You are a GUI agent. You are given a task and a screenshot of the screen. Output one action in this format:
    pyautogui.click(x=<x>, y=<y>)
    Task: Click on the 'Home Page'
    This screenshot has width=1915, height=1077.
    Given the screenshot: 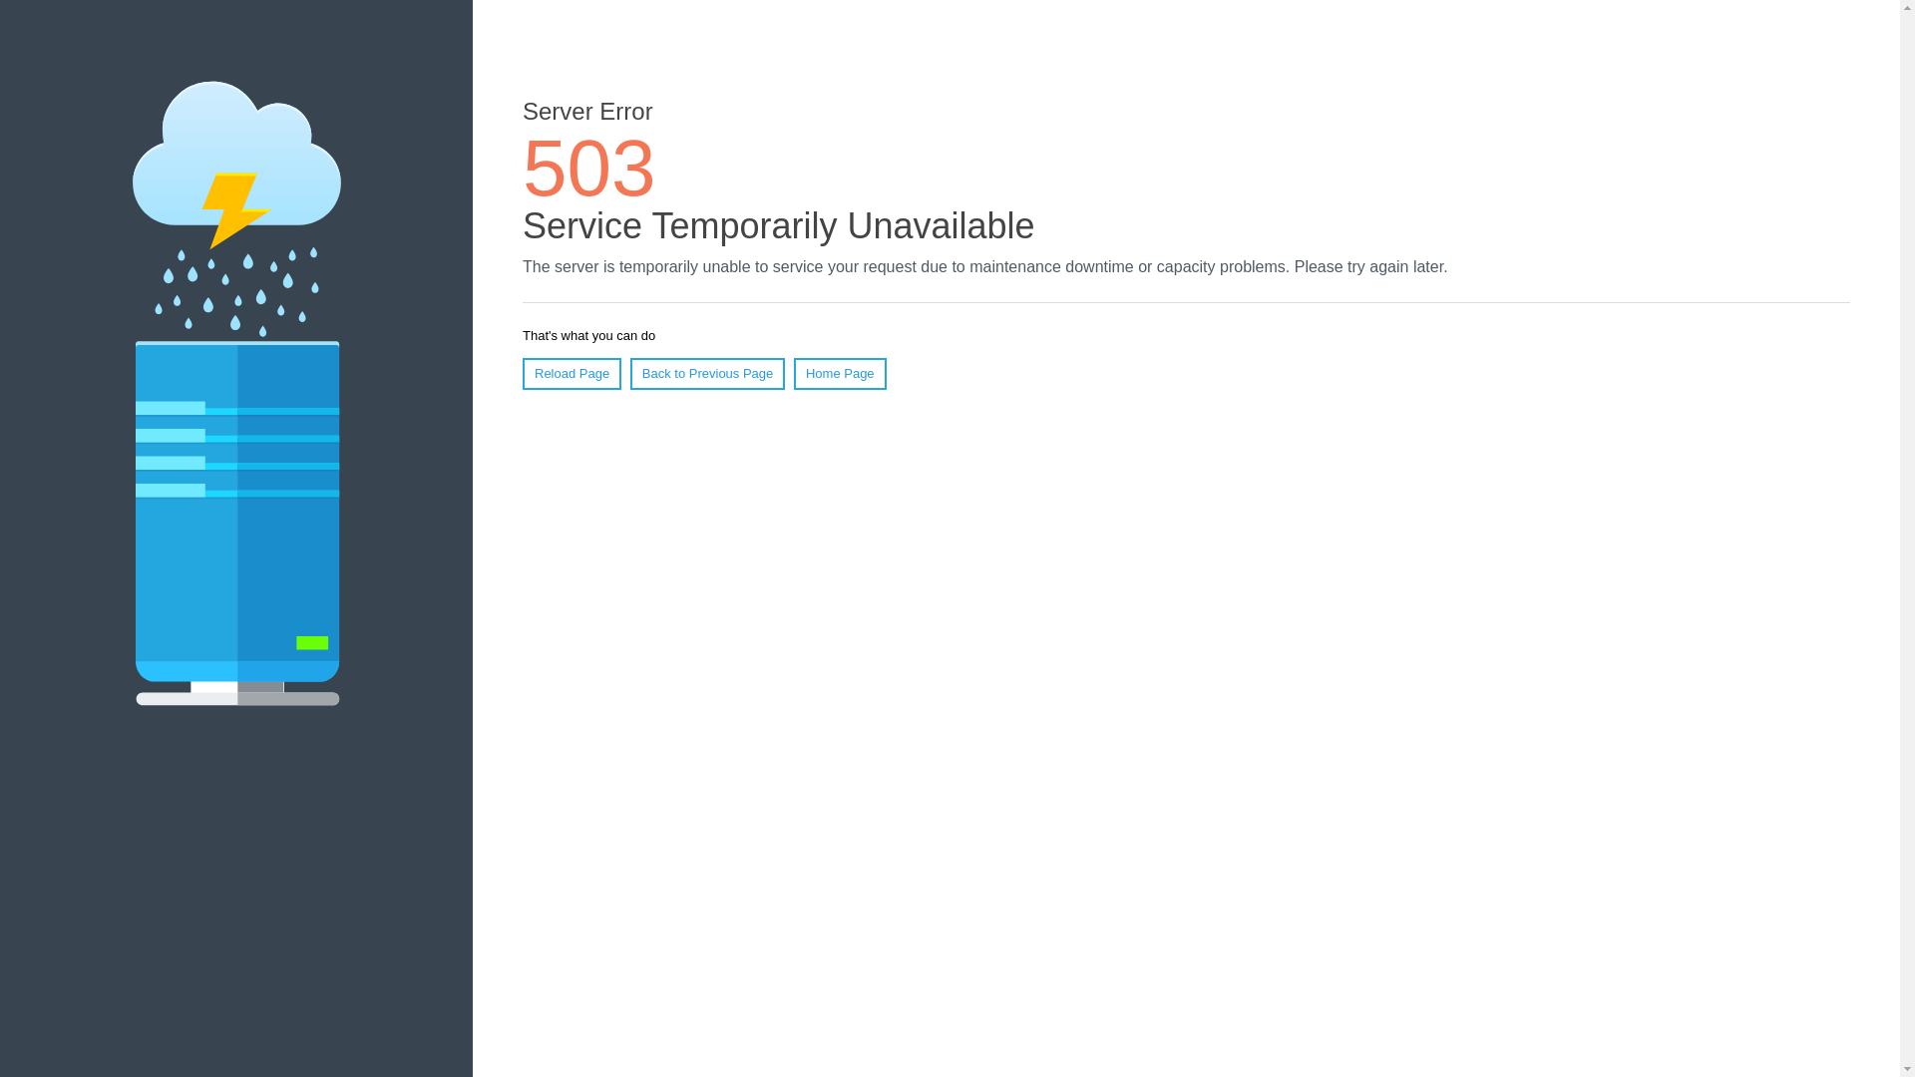 What is the action you would take?
    pyautogui.click(x=840, y=373)
    